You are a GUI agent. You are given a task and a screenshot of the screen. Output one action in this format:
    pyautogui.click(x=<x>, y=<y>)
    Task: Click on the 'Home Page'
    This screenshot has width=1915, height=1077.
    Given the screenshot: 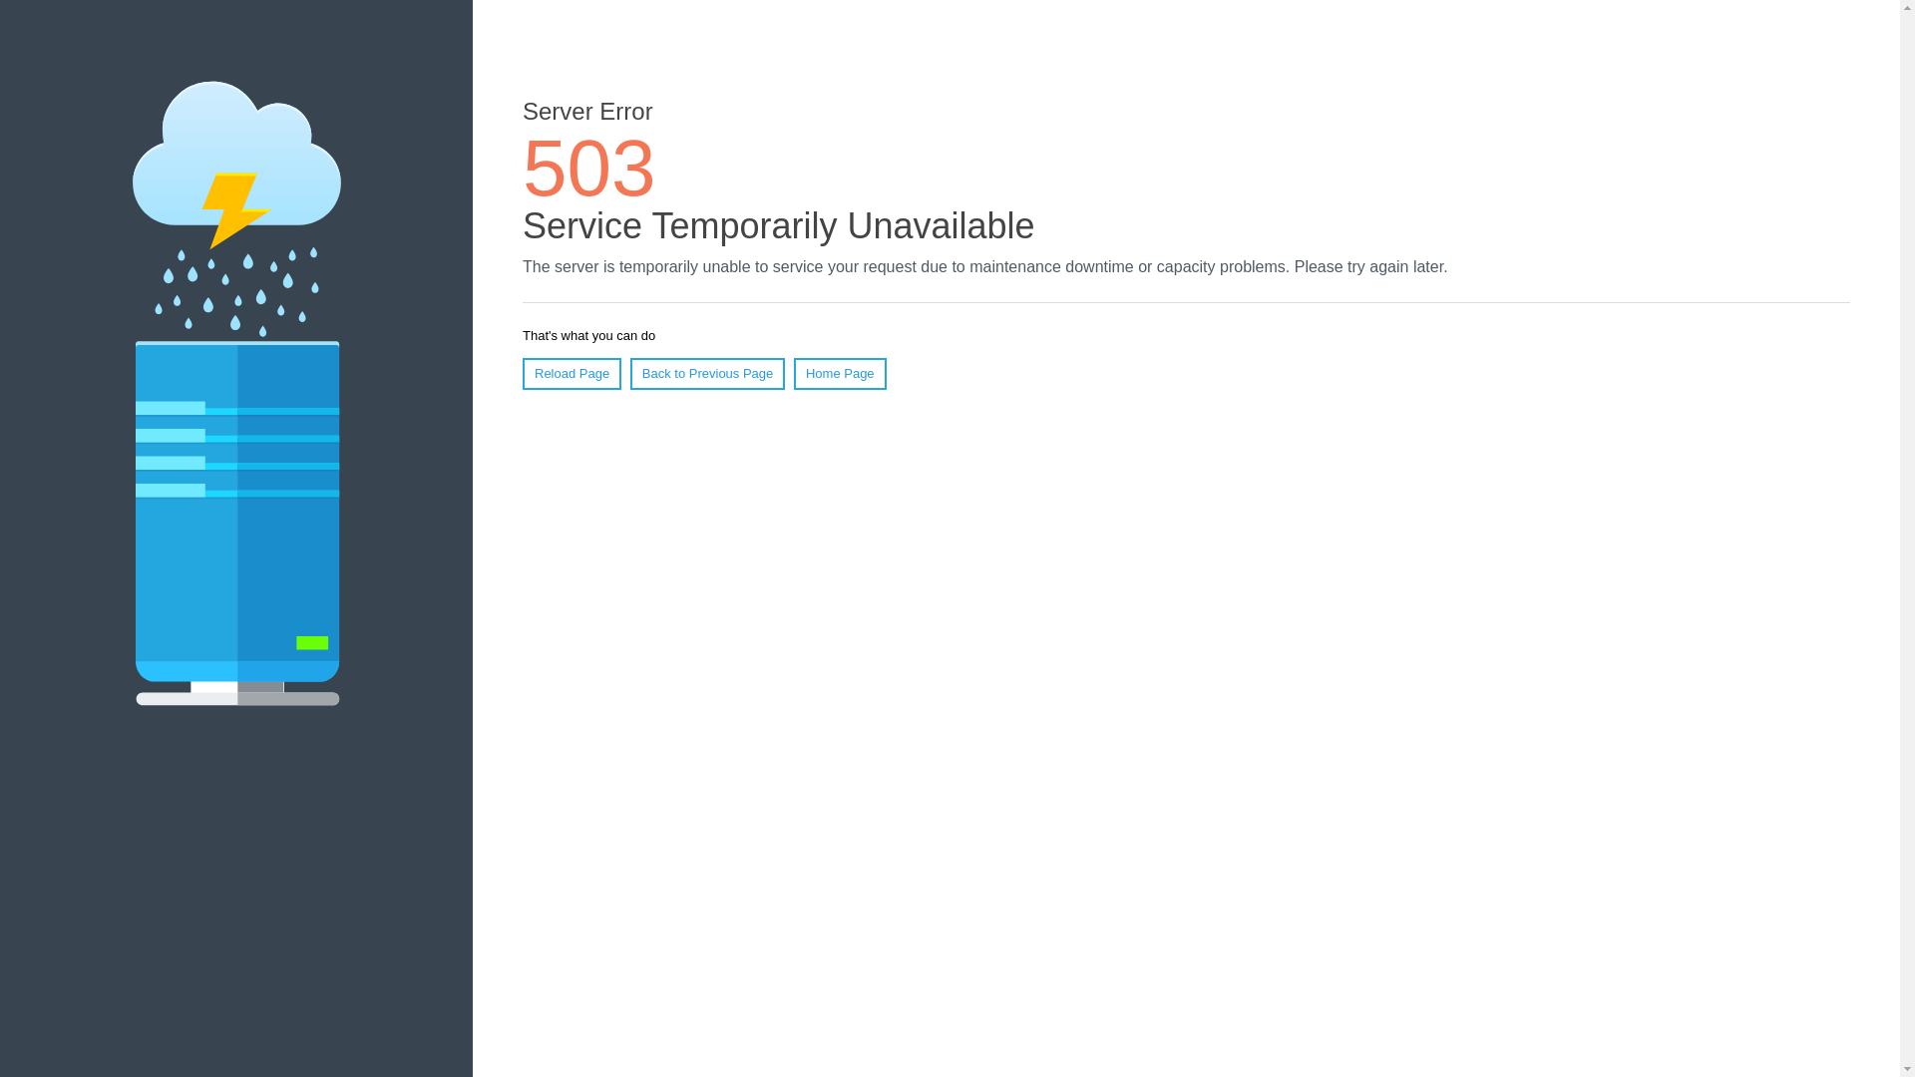 What is the action you would take?
    pyautogui.click(x=840, y=373)
    